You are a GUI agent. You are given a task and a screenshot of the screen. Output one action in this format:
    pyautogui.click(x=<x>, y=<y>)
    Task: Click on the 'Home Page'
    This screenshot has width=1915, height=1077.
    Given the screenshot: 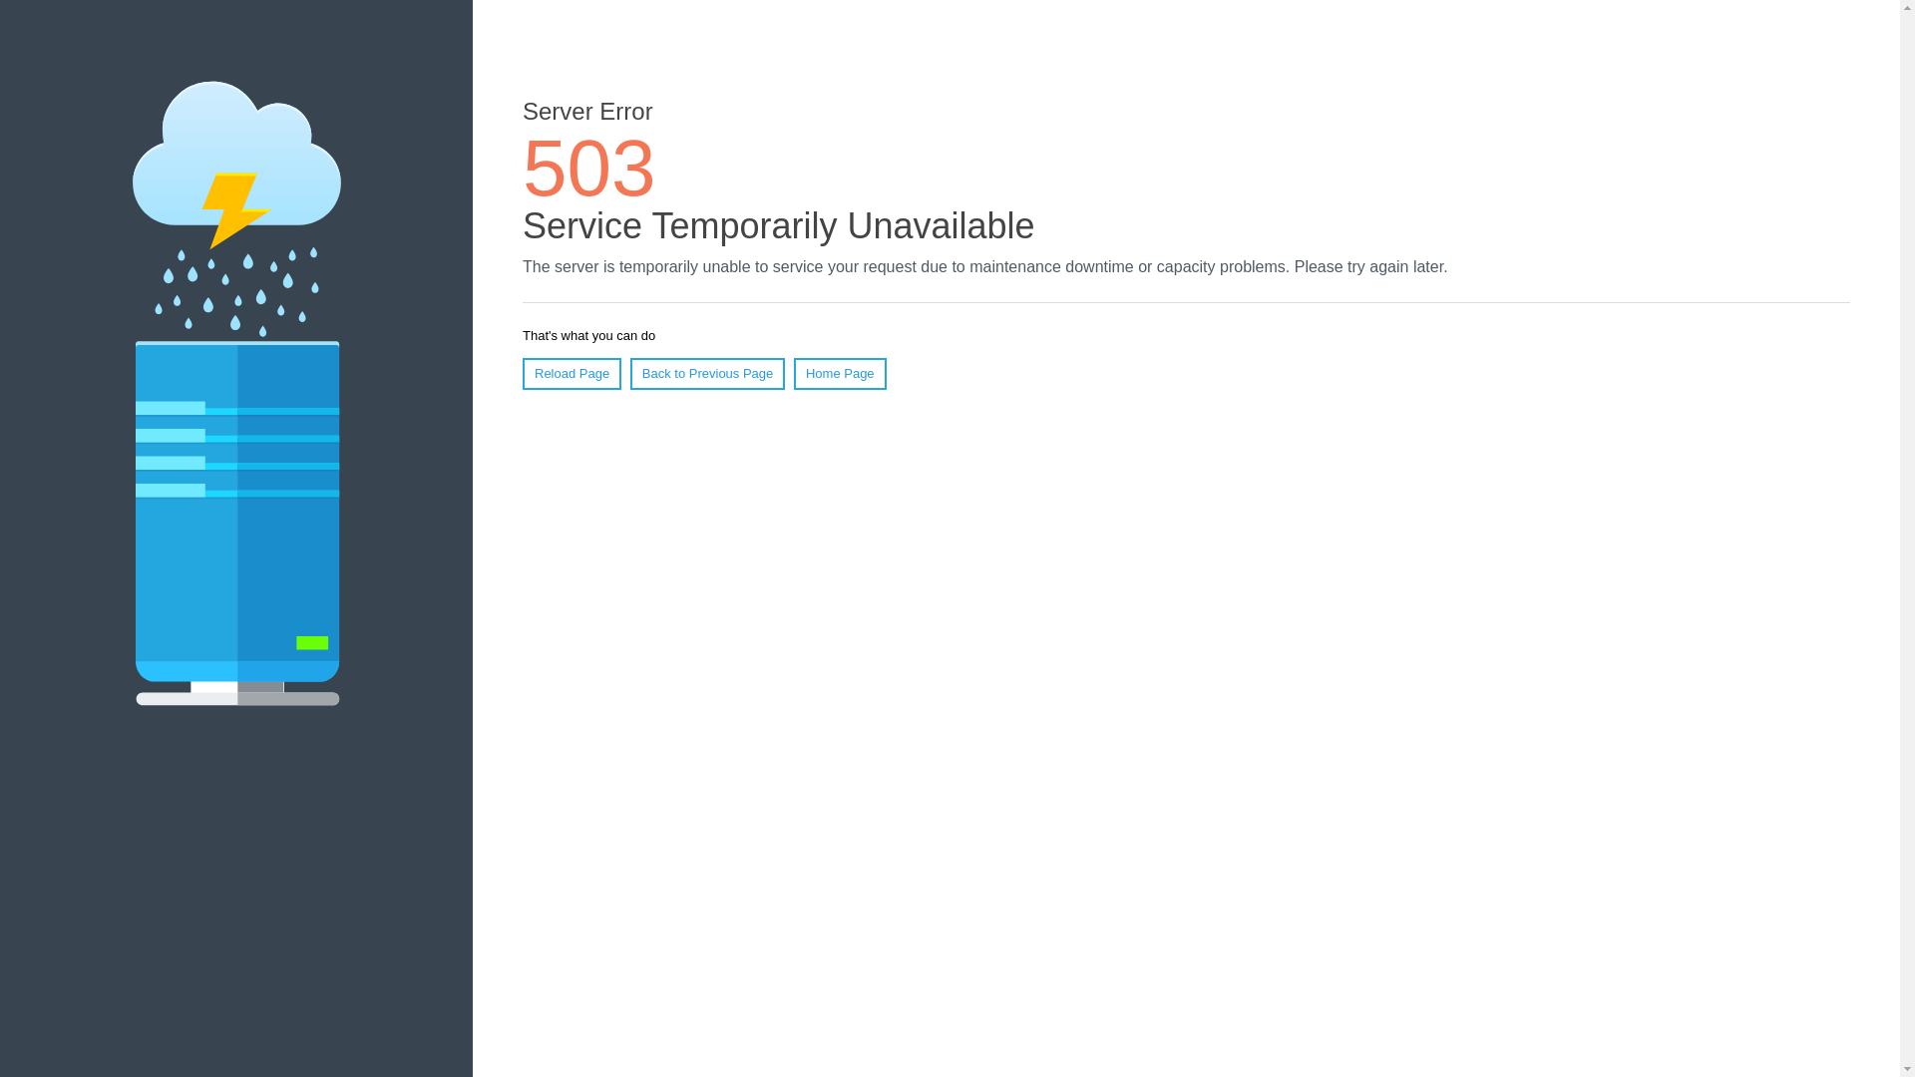 What is the action you would take?
    pyautogui.click(x=840, y=373)
    